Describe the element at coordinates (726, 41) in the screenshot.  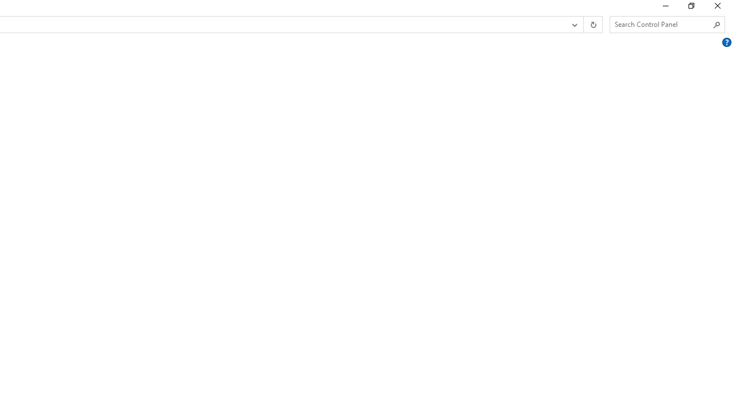
I see `'Help'` at that location.